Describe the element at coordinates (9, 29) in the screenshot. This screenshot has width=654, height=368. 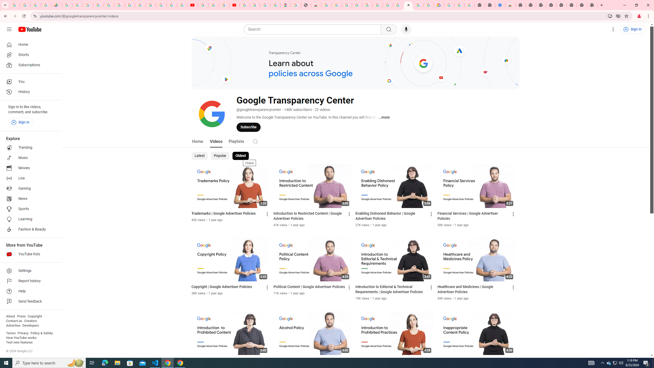
I see `'Guide'` at that location.